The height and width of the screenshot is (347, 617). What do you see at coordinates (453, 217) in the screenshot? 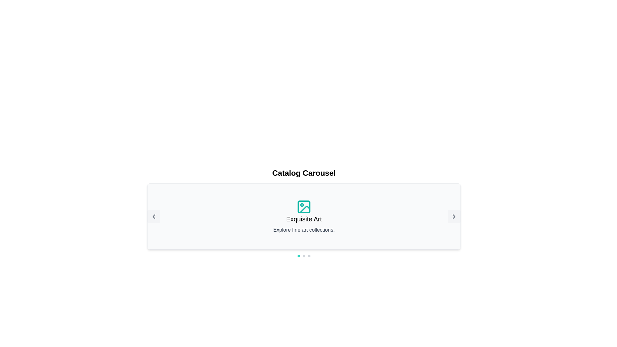
I see `the navigation icon located on the right edge of the carousel interface` at bounding box center [453, 217].